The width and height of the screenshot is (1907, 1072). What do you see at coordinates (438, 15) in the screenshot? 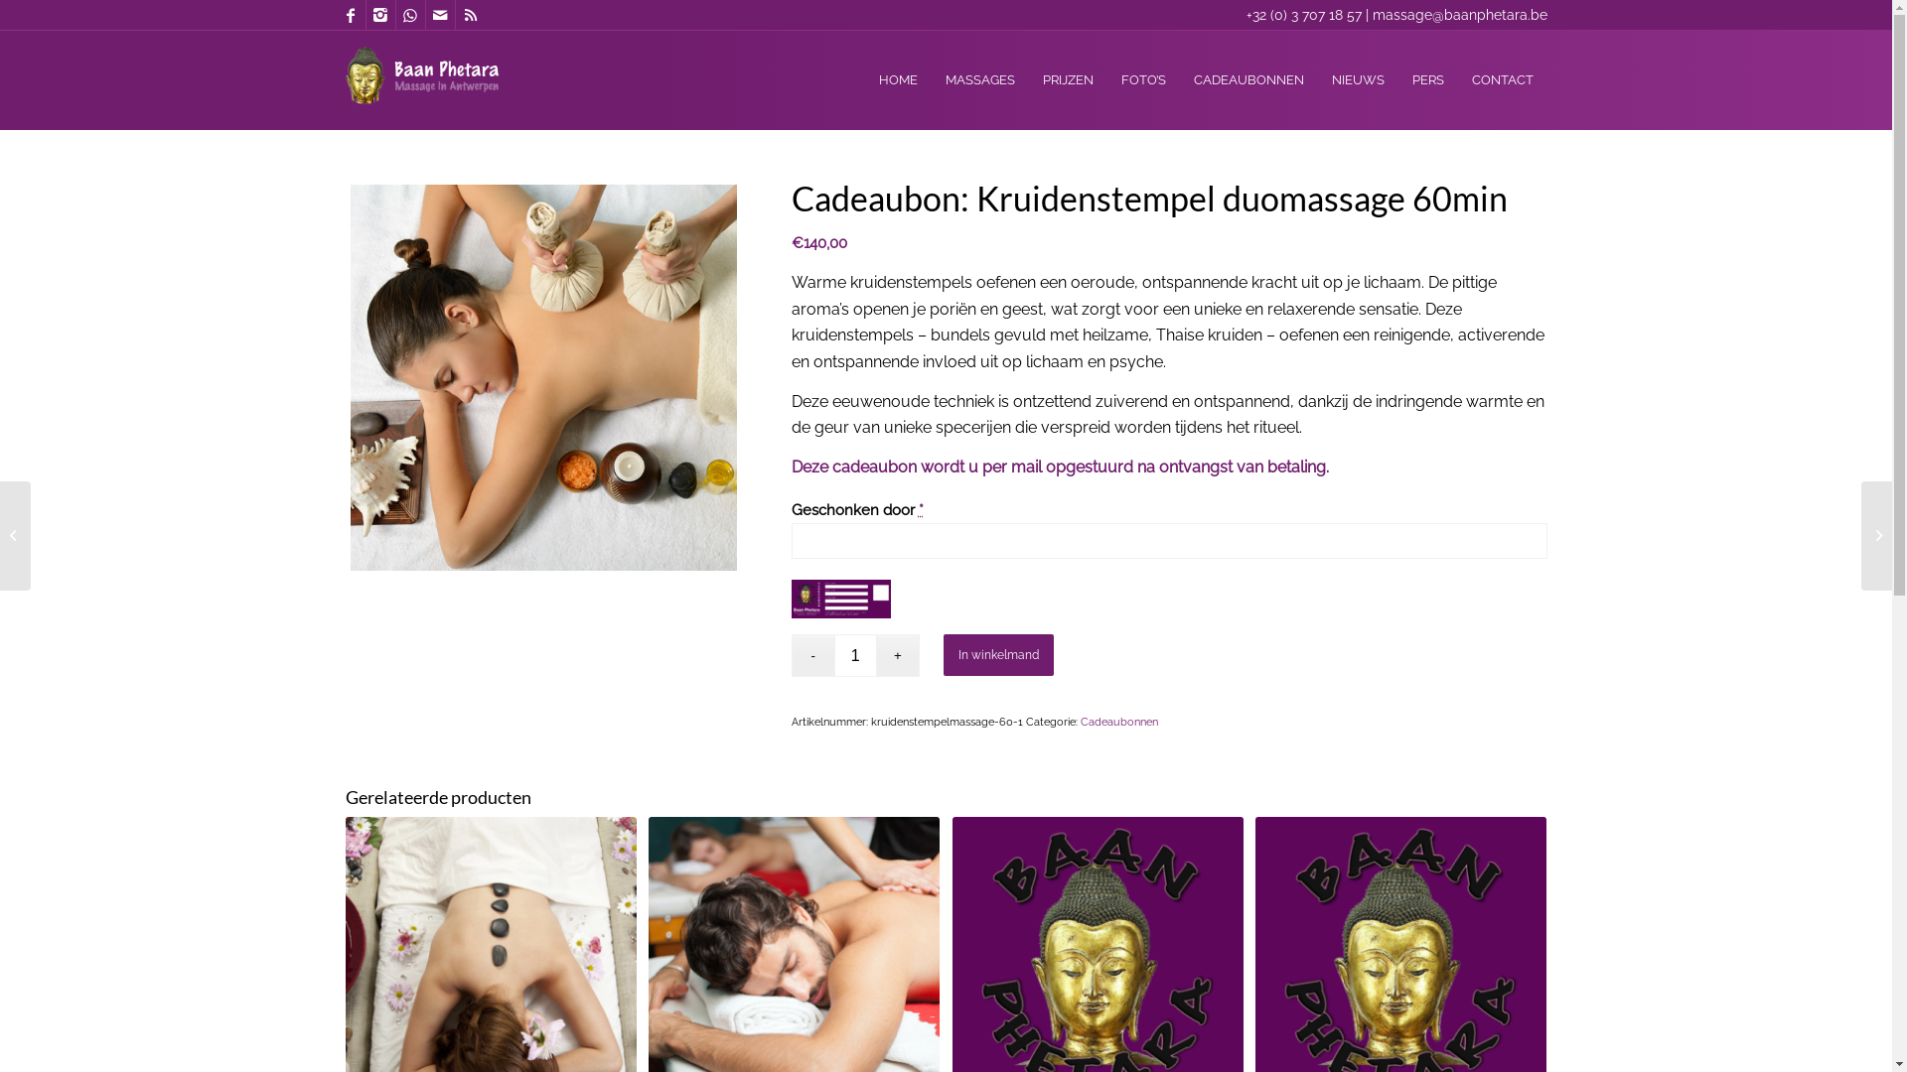
I see `'Mail'` at bounding box center [438, 15].